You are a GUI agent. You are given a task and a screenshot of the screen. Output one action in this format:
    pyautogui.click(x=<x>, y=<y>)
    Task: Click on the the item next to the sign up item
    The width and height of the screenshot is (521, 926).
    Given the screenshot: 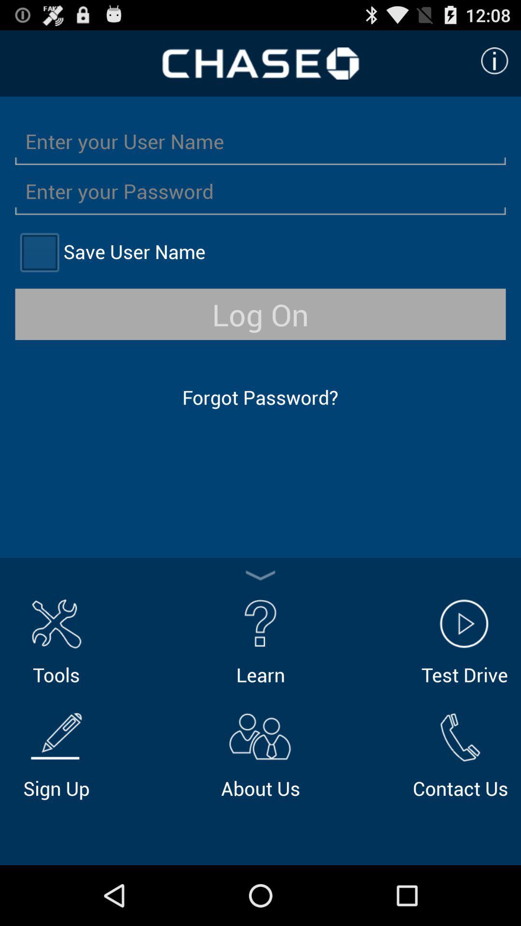 What is the action you would take?
    pyautogui.click(x=260, y=753)
    